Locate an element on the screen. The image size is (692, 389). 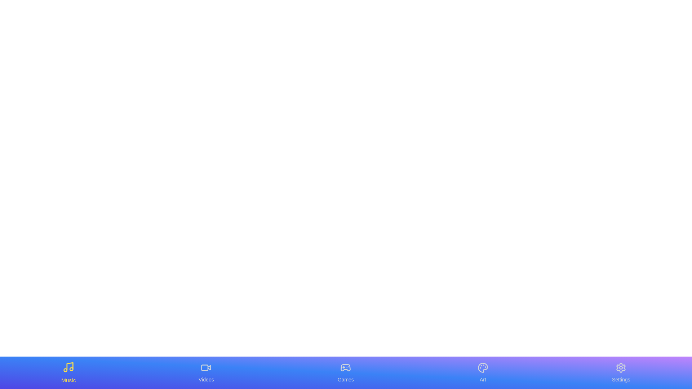
the Settings tab by clicking on its icon is located at coordinates (621, 372).